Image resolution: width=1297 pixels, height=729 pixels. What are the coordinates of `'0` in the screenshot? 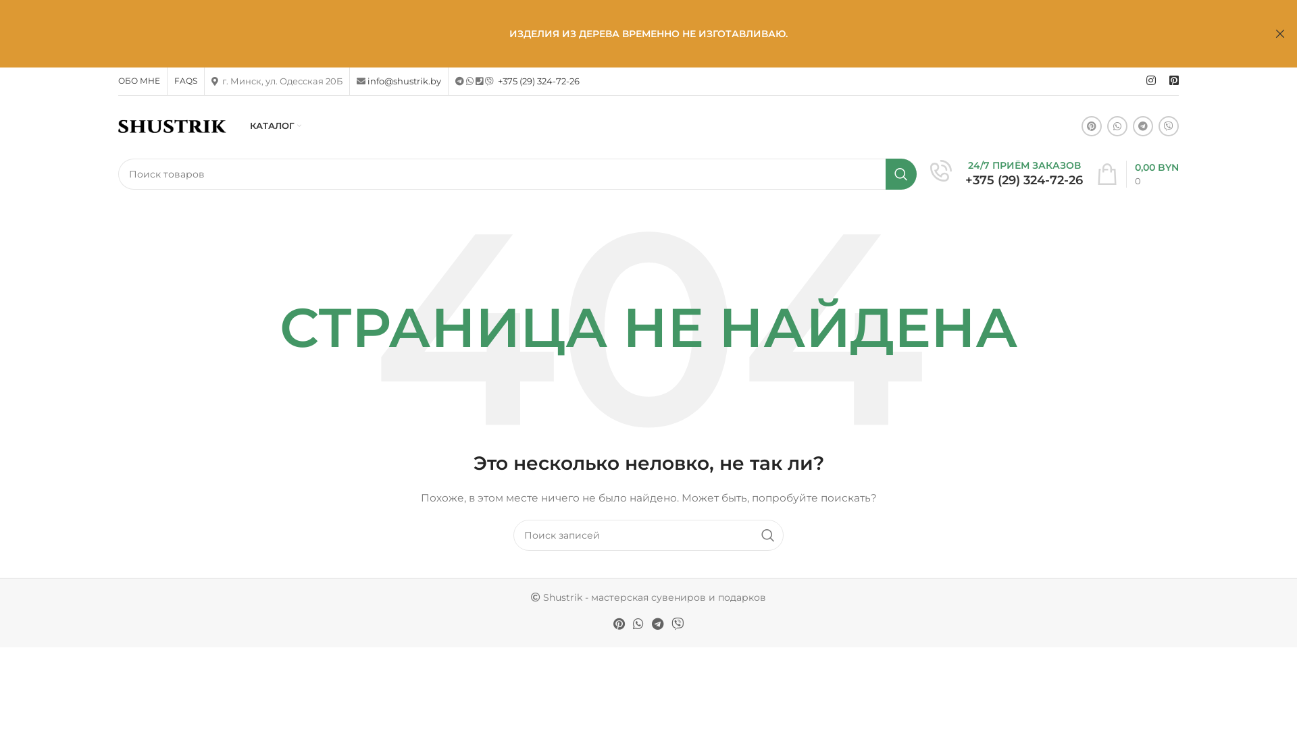 It's located at (1137, 173).